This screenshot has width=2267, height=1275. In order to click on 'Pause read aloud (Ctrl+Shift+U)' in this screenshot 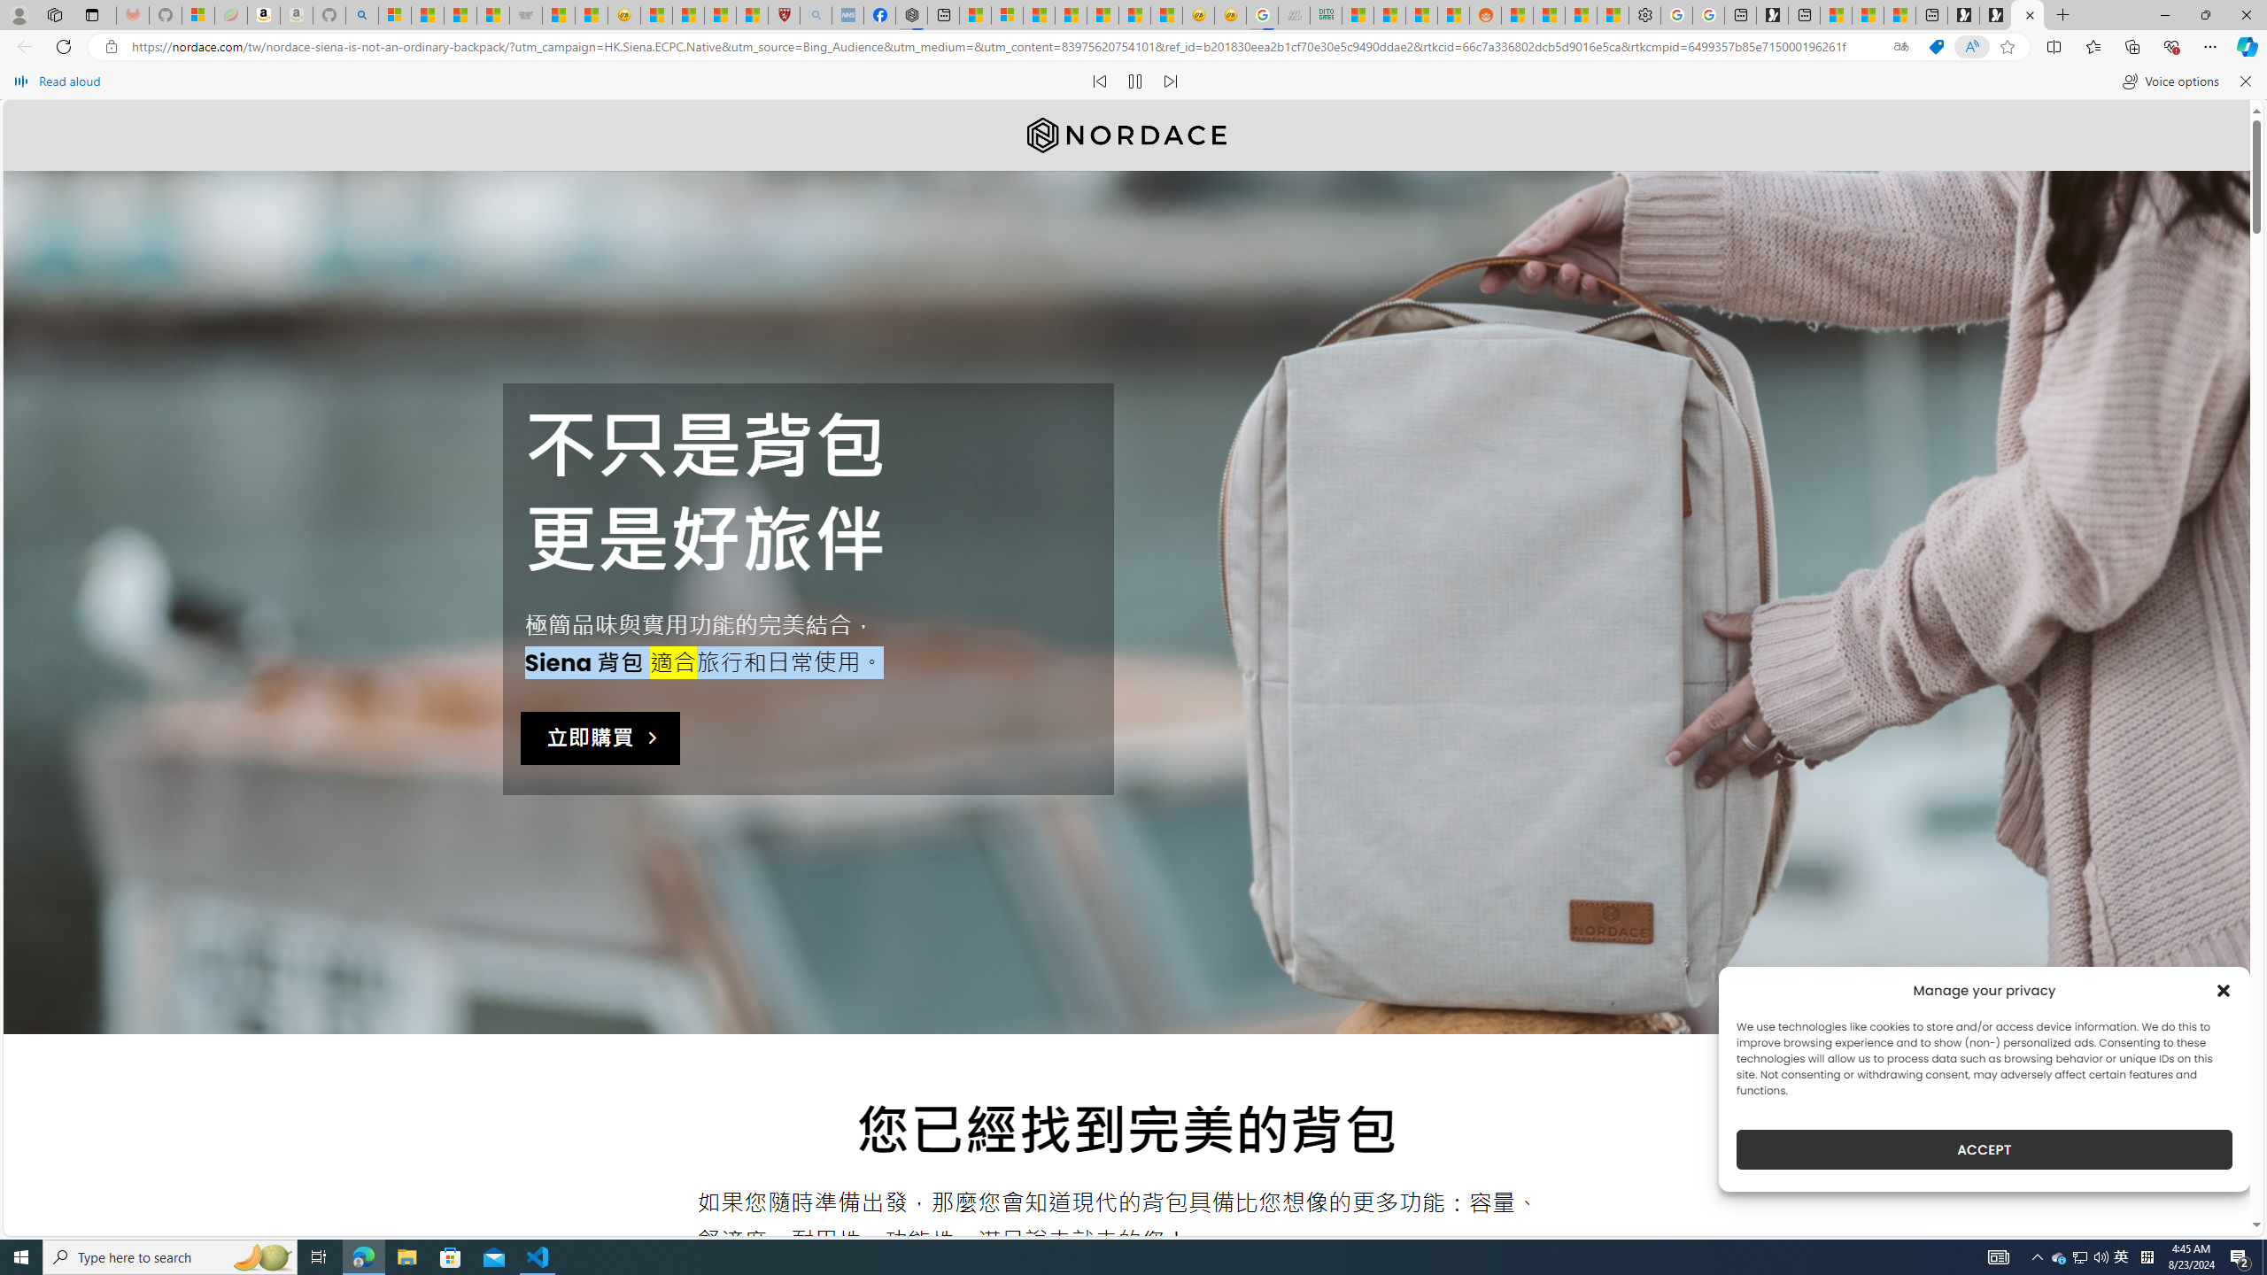, I will do `click(1134, 81)`.